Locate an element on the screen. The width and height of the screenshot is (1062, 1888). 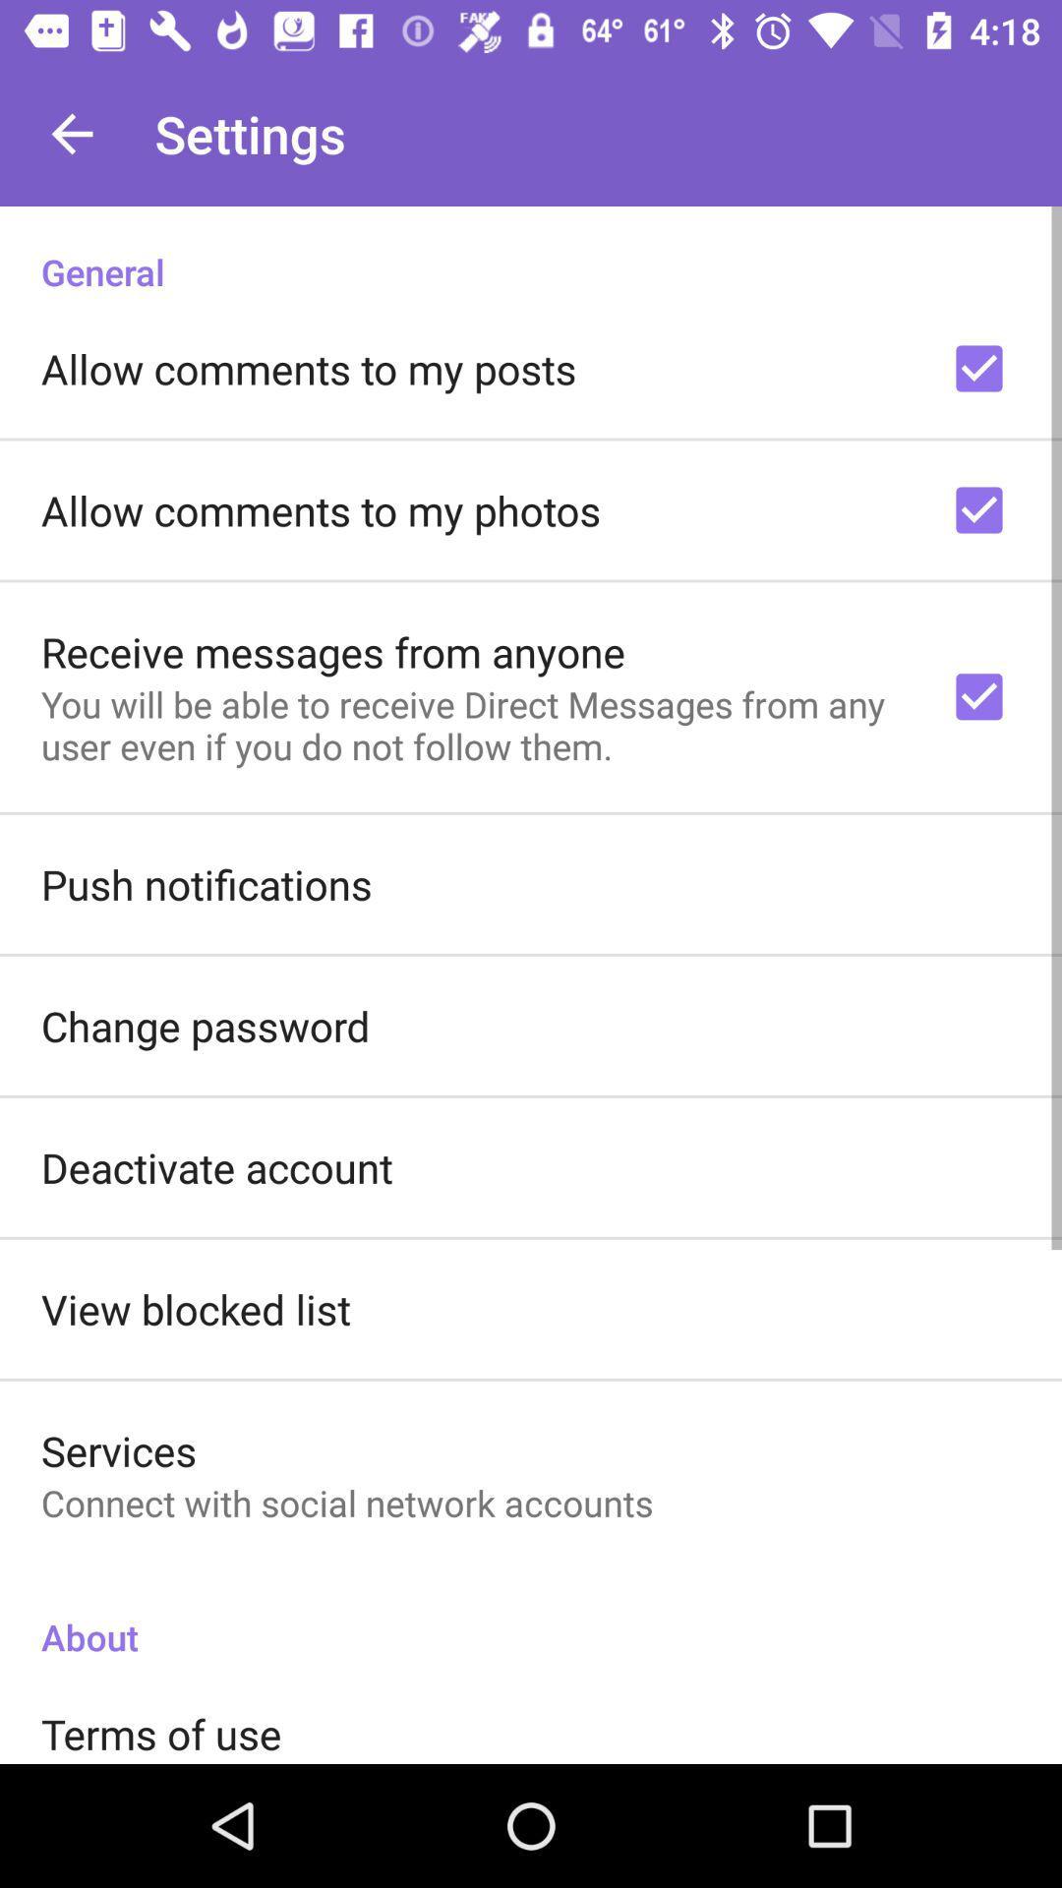
item below about icon is located at coordinates (160, 1734).